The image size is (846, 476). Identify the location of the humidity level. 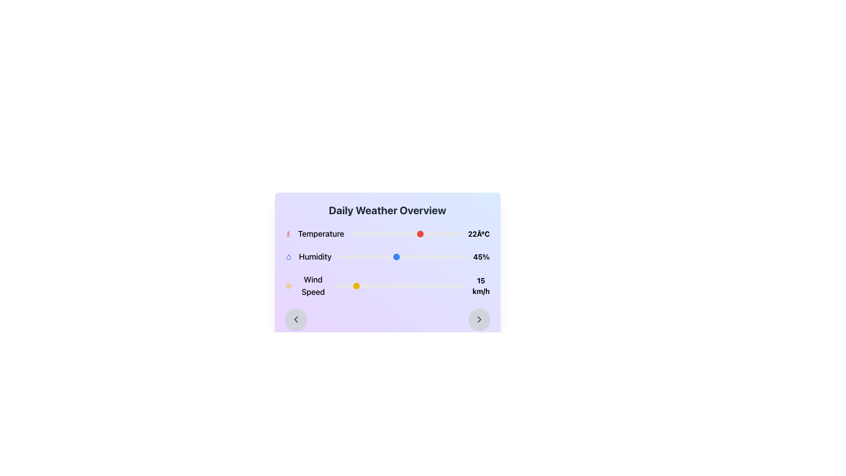
(355, 257).